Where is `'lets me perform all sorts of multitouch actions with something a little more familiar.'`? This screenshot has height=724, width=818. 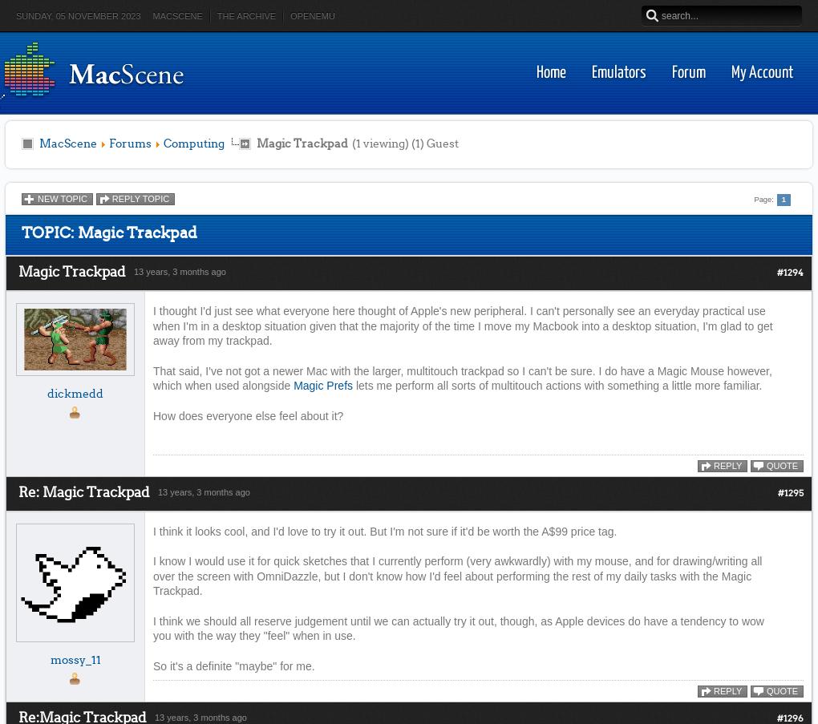
'lets me perform all sorts of multitouch actions with something a little more familiar.' is located at coordinates (557, 386).